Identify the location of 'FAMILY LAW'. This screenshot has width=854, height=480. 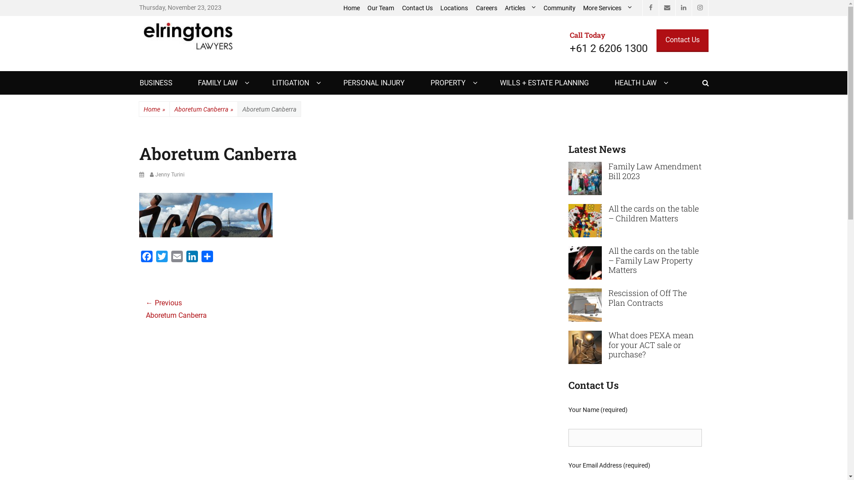
(222, 83).